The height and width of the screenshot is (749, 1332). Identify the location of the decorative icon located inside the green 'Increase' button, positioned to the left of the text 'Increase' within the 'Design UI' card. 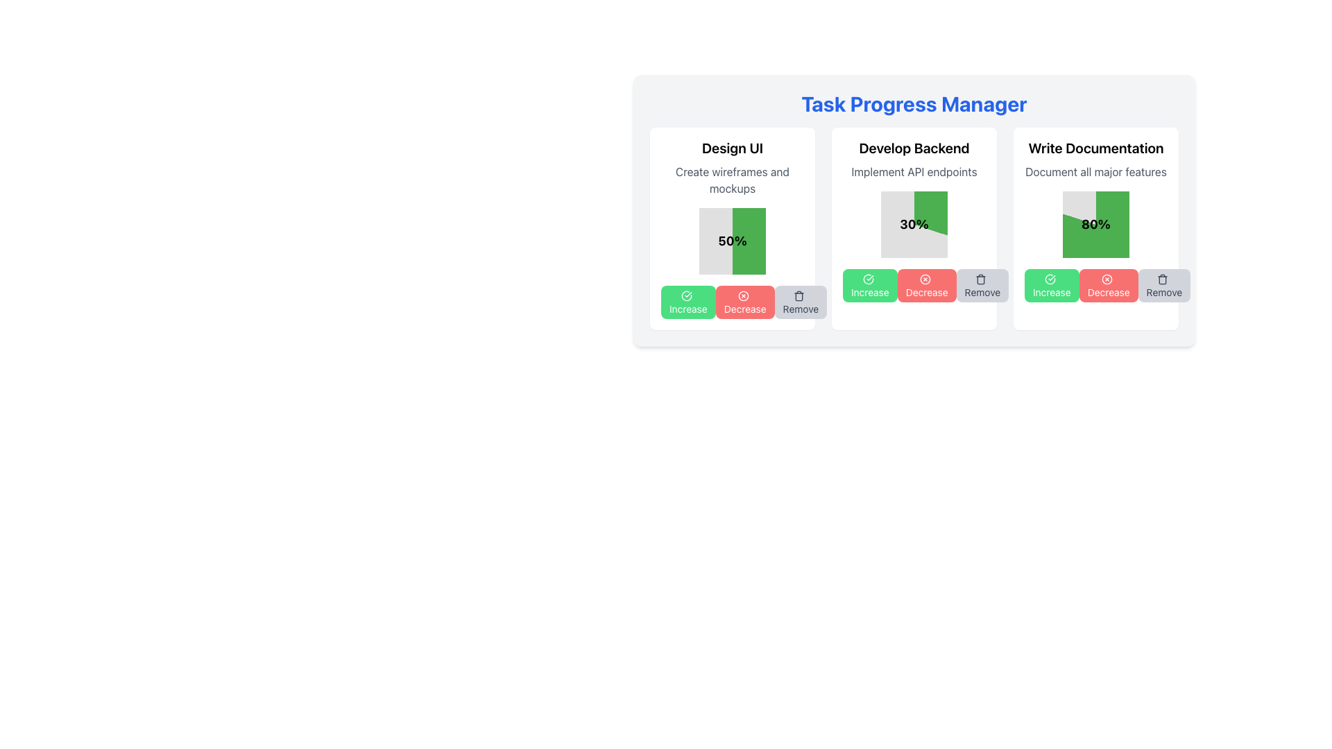
(687, 295).